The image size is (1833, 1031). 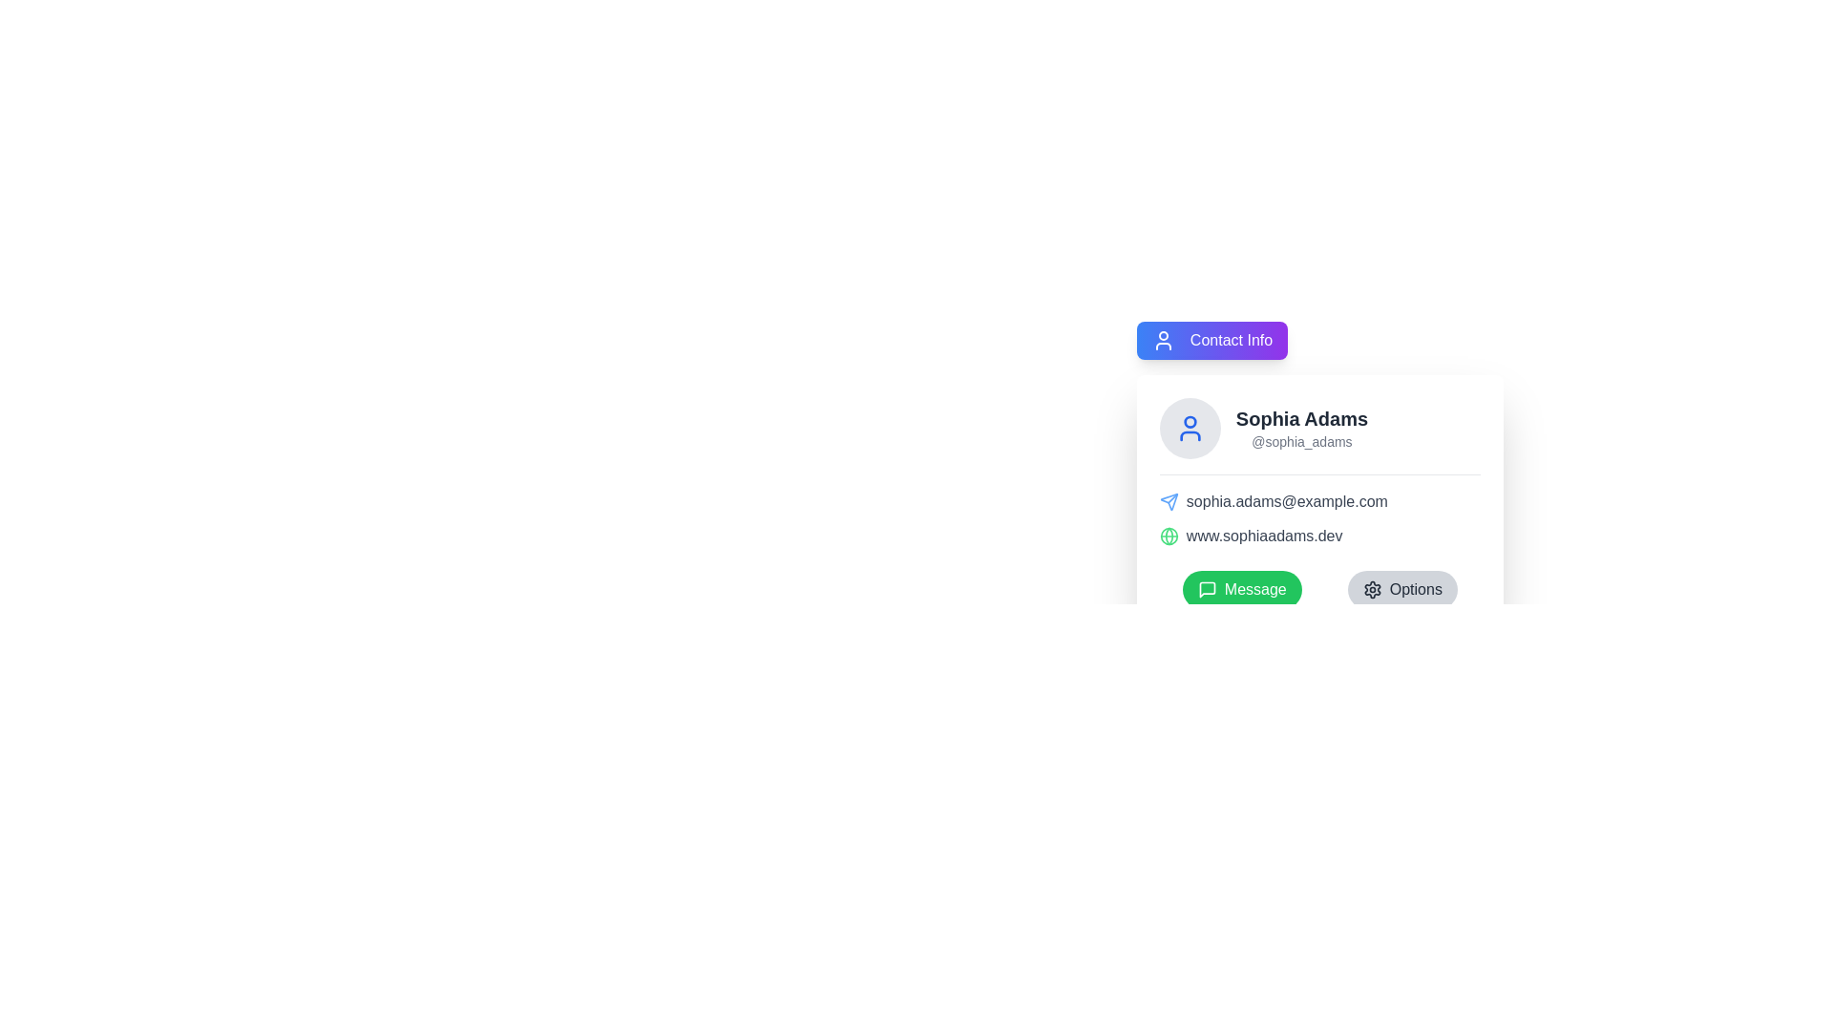 What do you see at coordinates (1300, 418) in the screenshot?
I see `text from the bold label displaying 'Sophia Adams' located in the upper section of the profile card, to the right of the avatar icon and above the username '@sophia_adams'` at bounding box center [1300, 418].